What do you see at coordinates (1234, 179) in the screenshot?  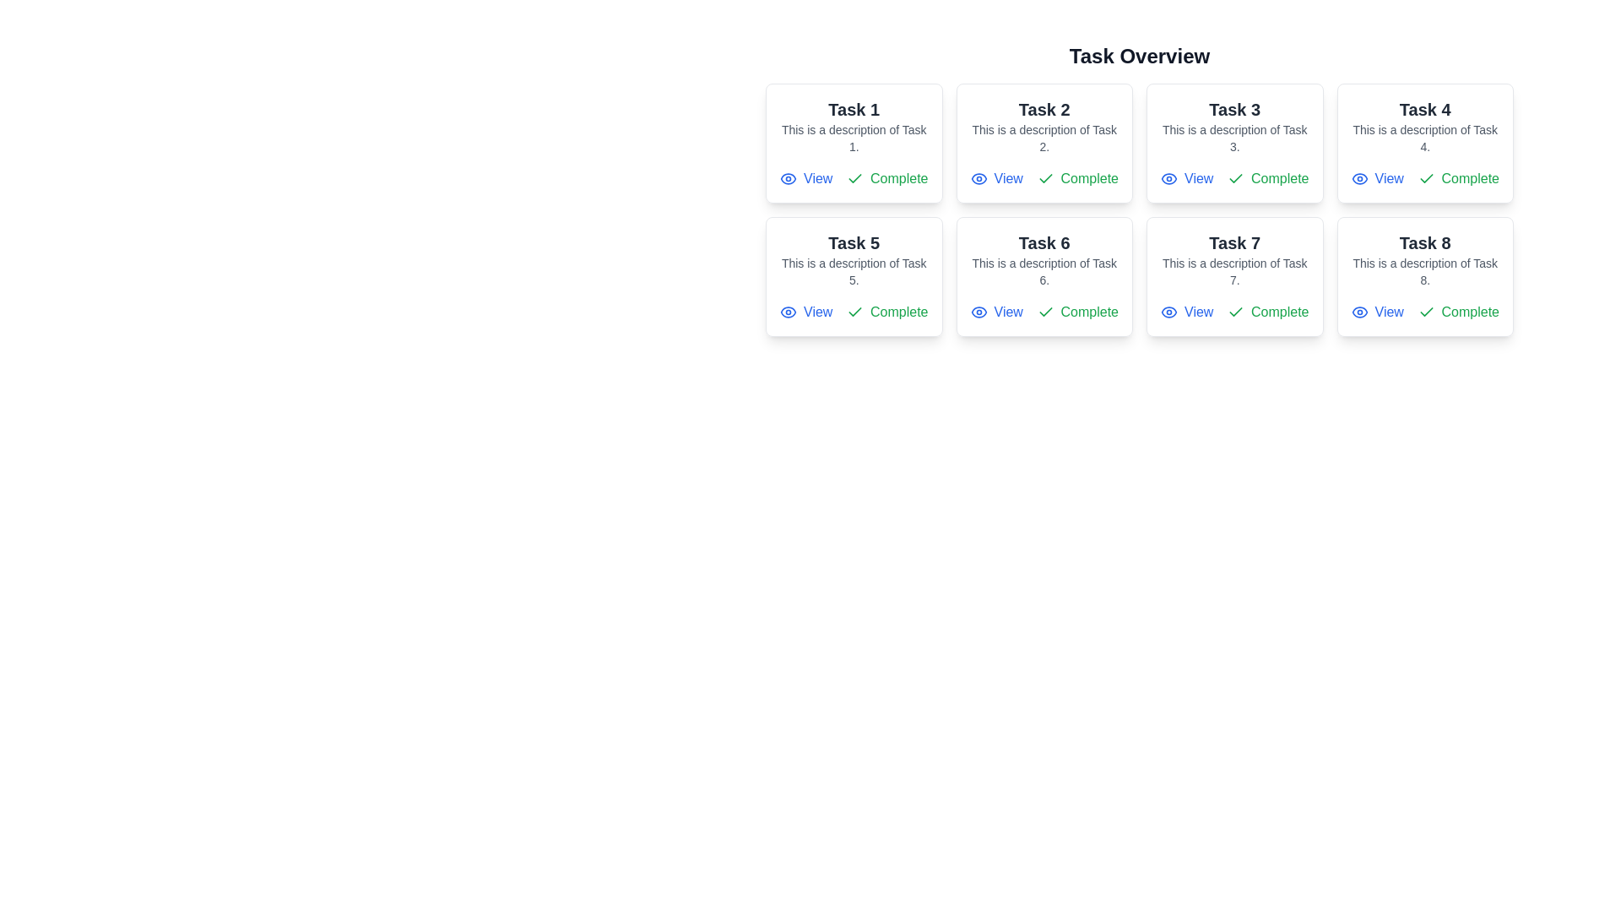 I see `the button group located at the bottom-right corner of the 'Task 3' card to trigger potential visual feedback` at bounding box center [1234, 179].